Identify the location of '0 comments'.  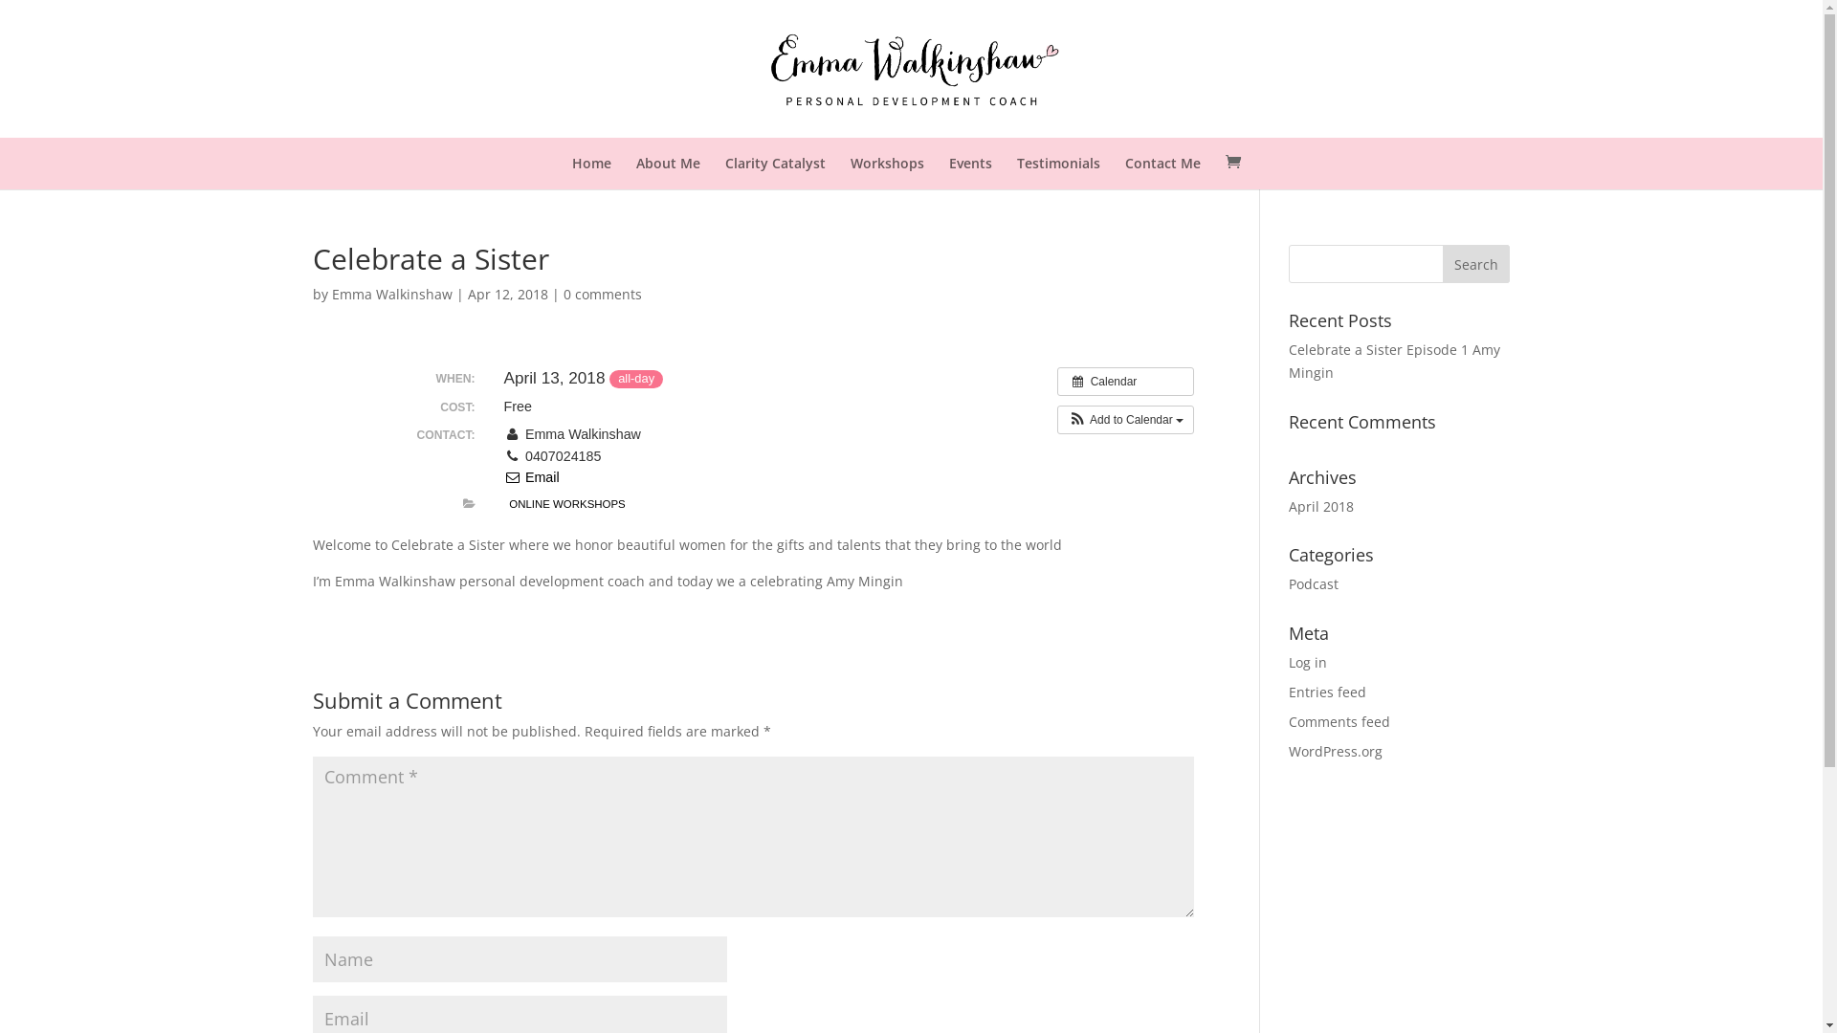
(601, 294).